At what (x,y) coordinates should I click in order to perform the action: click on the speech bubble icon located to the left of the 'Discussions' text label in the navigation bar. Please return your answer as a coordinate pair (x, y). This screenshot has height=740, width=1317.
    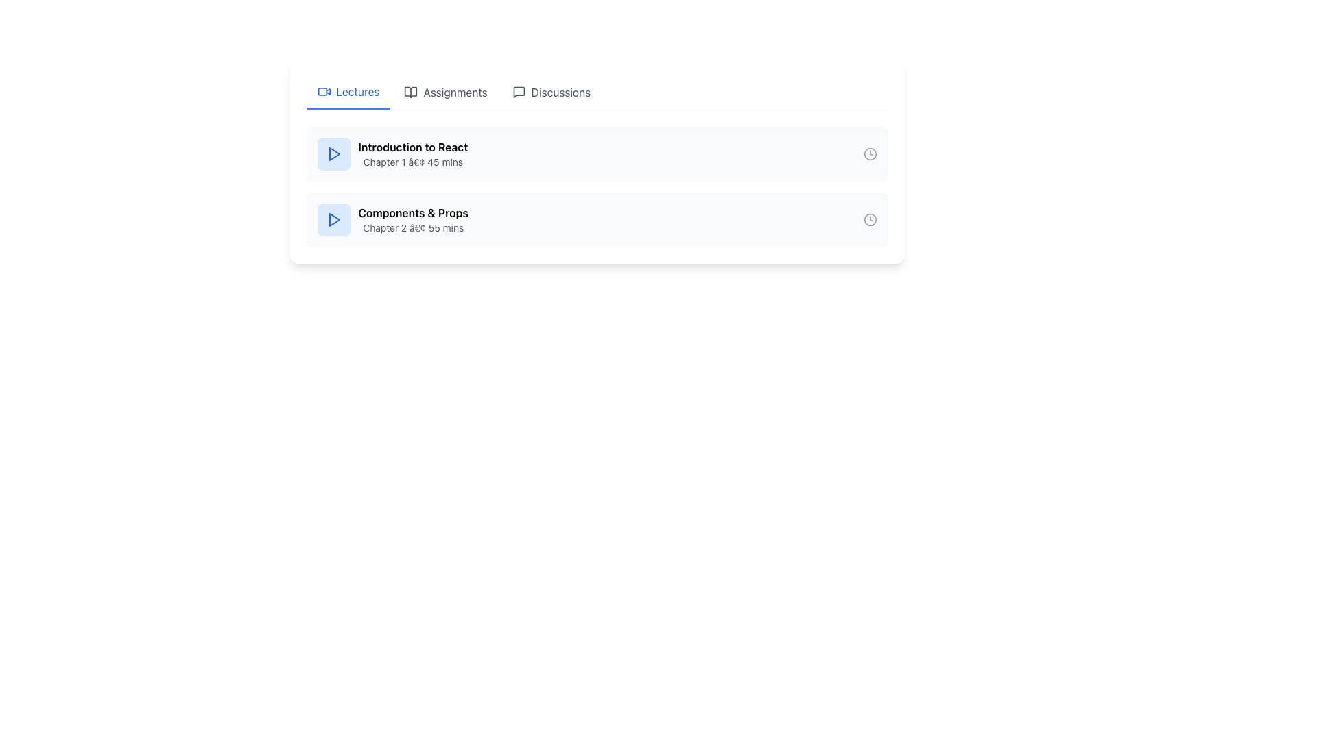
    Looking at the image, I should click on (518, 92).